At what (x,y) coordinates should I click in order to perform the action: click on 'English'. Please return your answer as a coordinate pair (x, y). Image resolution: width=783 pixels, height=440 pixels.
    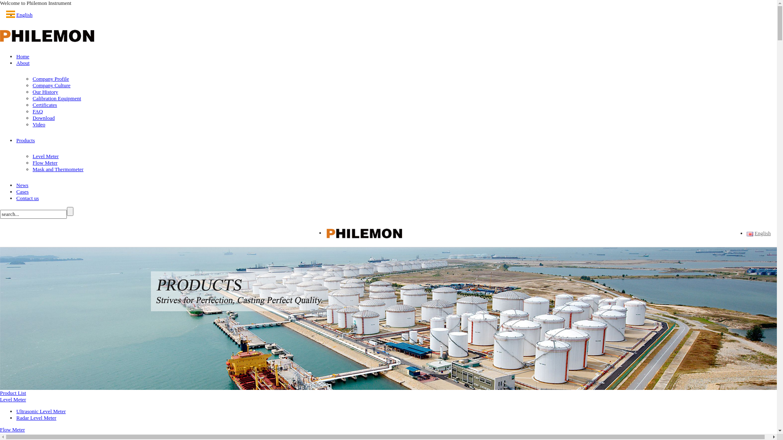
    Looking at the image, I should click on (753, 233).